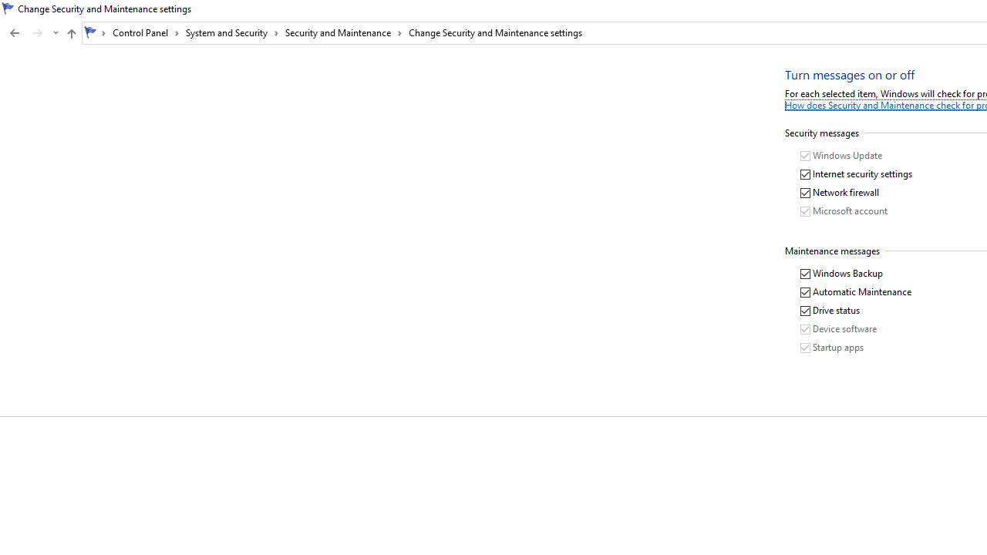 The image size is (987, 555). Describe the element at coordinates (231, 32) in the screenshot. I see `'System and Security'` at that location.